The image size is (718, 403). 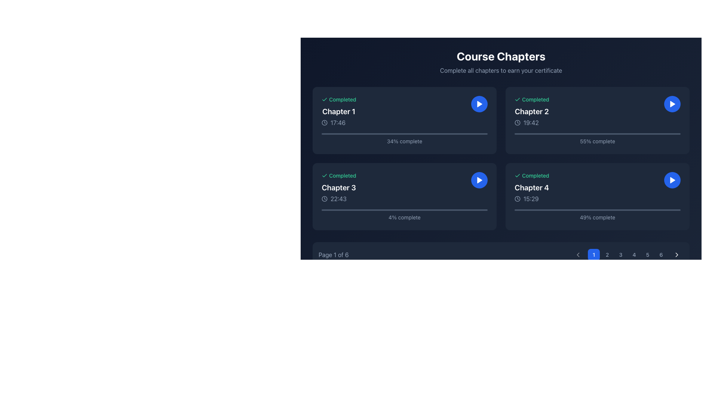 I want to click on the Text Label that displays the current progress percentage for Chapter 2, located beneath the progress indicator line within the card, so click(x=597, y=141).